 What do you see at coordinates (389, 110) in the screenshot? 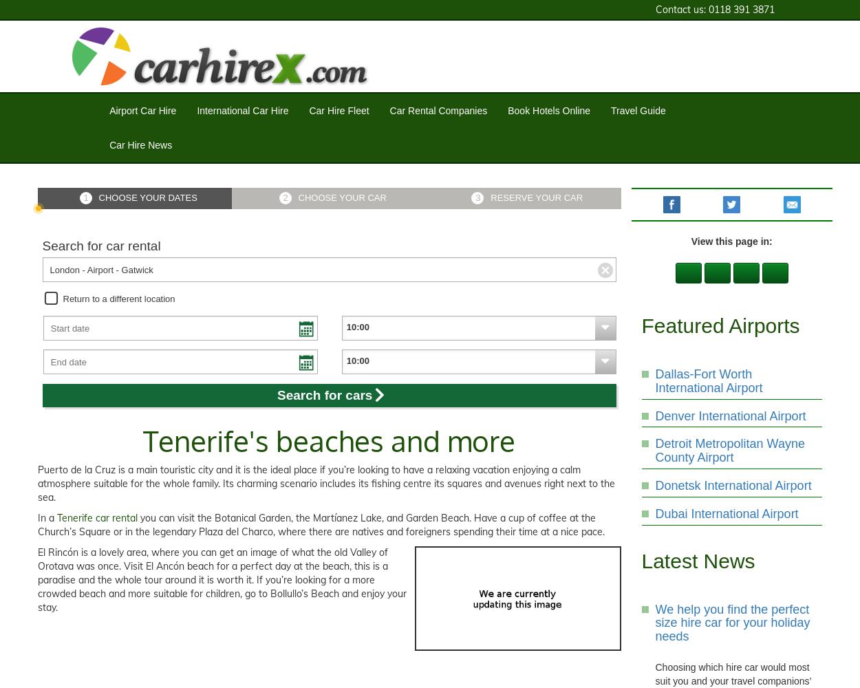
I see `'Car Rental Companies'` at bounding box center [389, 110].